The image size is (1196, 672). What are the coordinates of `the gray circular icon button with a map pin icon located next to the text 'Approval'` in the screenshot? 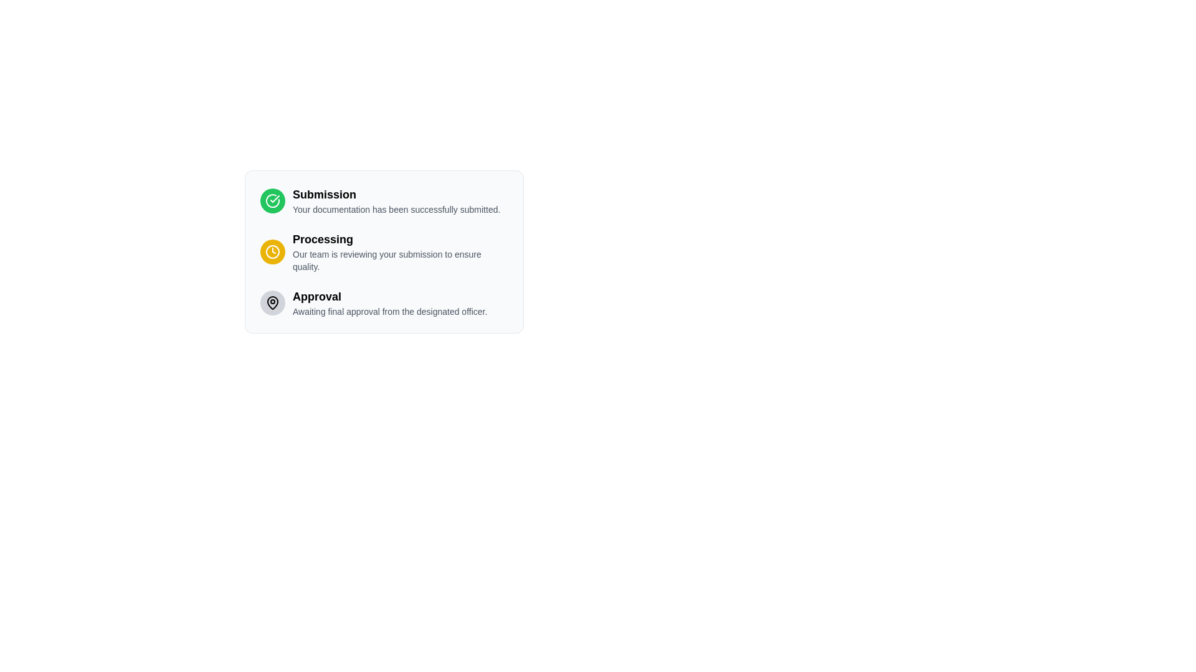 It's located at (272, 302).